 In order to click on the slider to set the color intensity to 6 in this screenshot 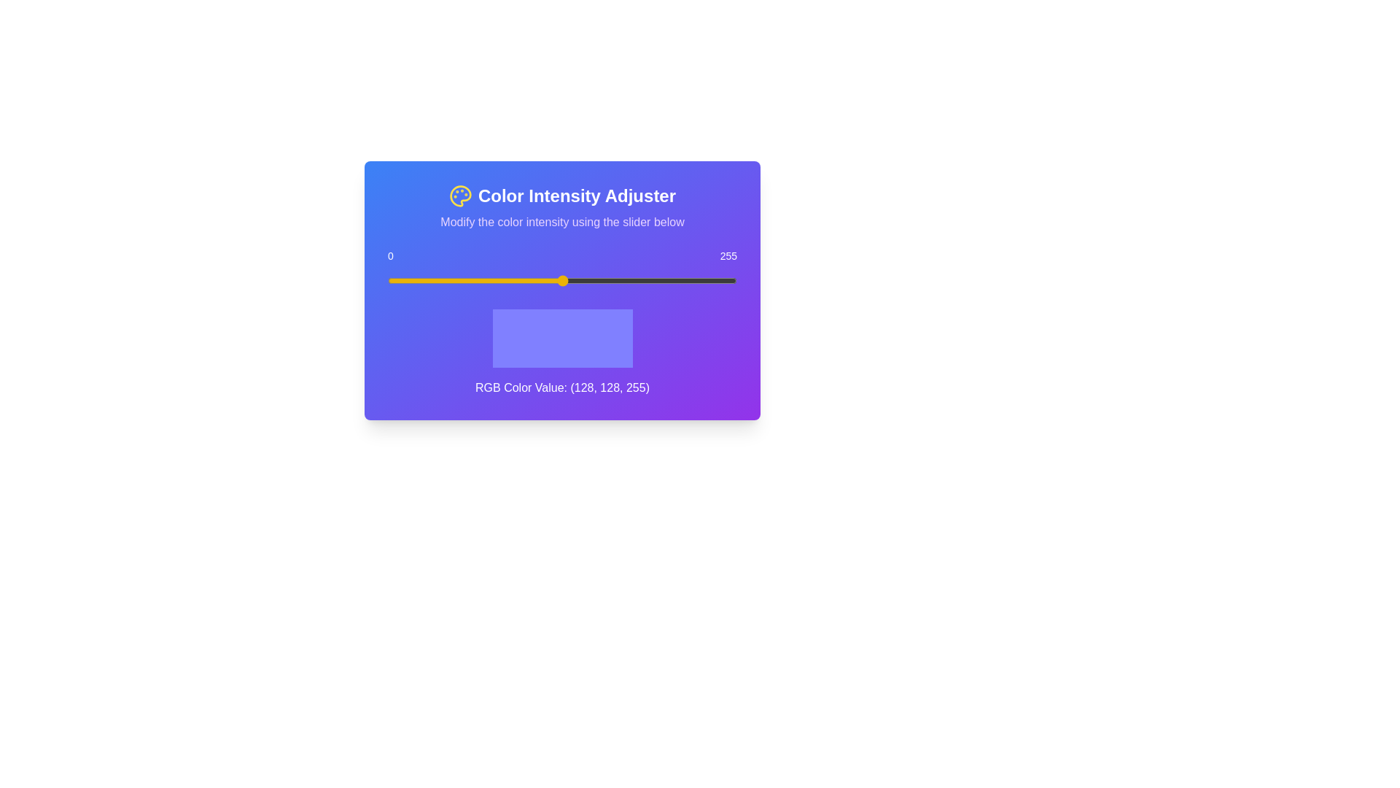, I will do `click(396, 281)`.